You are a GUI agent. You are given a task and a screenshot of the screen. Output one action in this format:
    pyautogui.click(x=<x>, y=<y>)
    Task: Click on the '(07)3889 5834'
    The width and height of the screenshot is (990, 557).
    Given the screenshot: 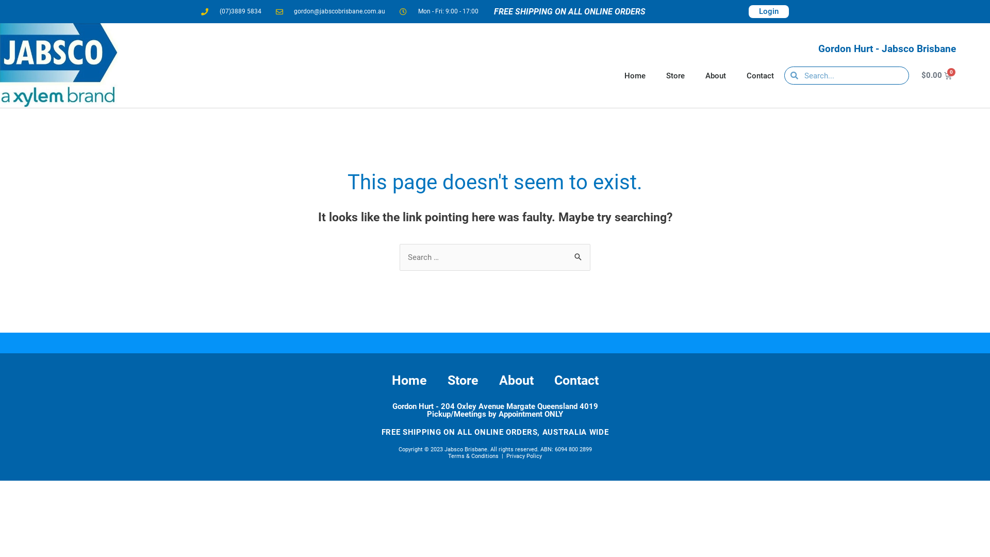 What is the action you would take?
    pyautogui.click(x=230, y=11)
    